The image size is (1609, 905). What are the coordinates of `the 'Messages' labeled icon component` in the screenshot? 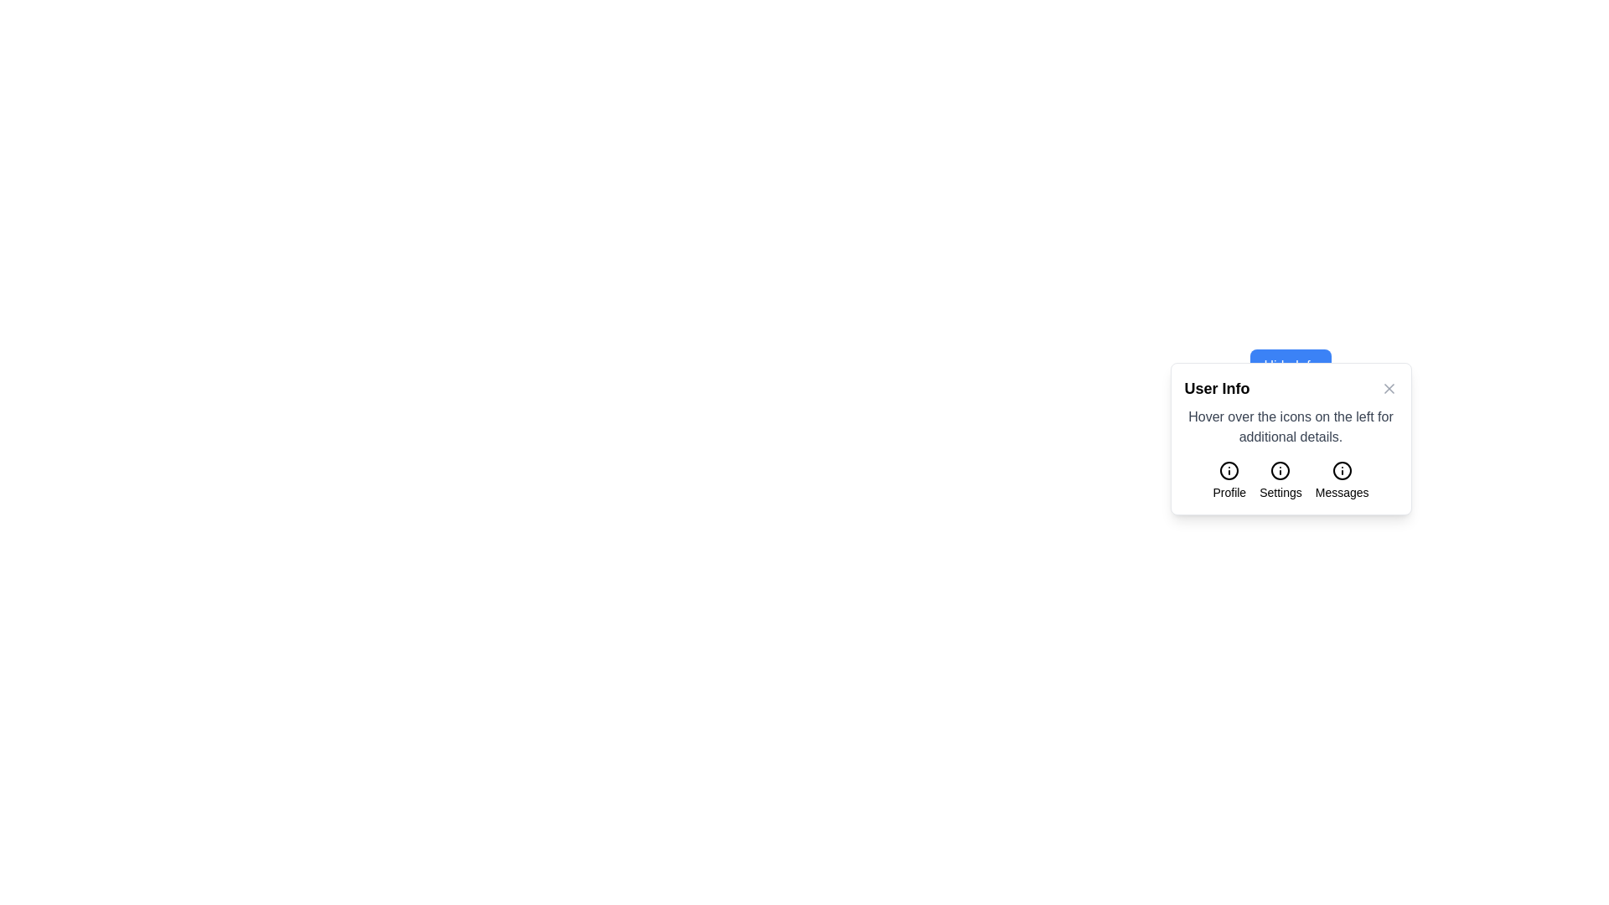 It's located at (1342, 481).